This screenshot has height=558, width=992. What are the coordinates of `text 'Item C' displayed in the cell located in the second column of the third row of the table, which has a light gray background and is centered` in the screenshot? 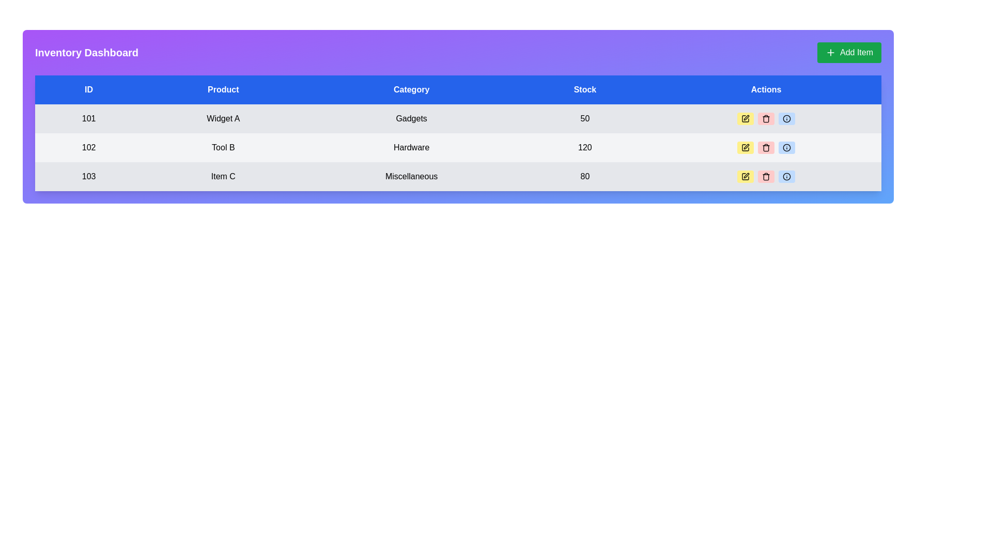 It's located at (223, 176).